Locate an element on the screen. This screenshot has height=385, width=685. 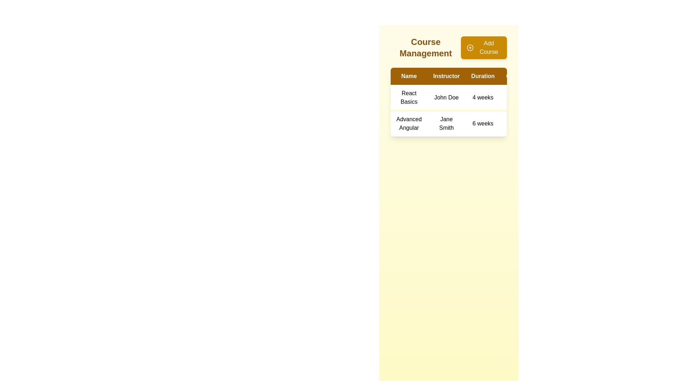
the 'Add Course' button by clicking on the circular outline that serves as a boundary for the plus sign icon is located at coordinates (470, 48).